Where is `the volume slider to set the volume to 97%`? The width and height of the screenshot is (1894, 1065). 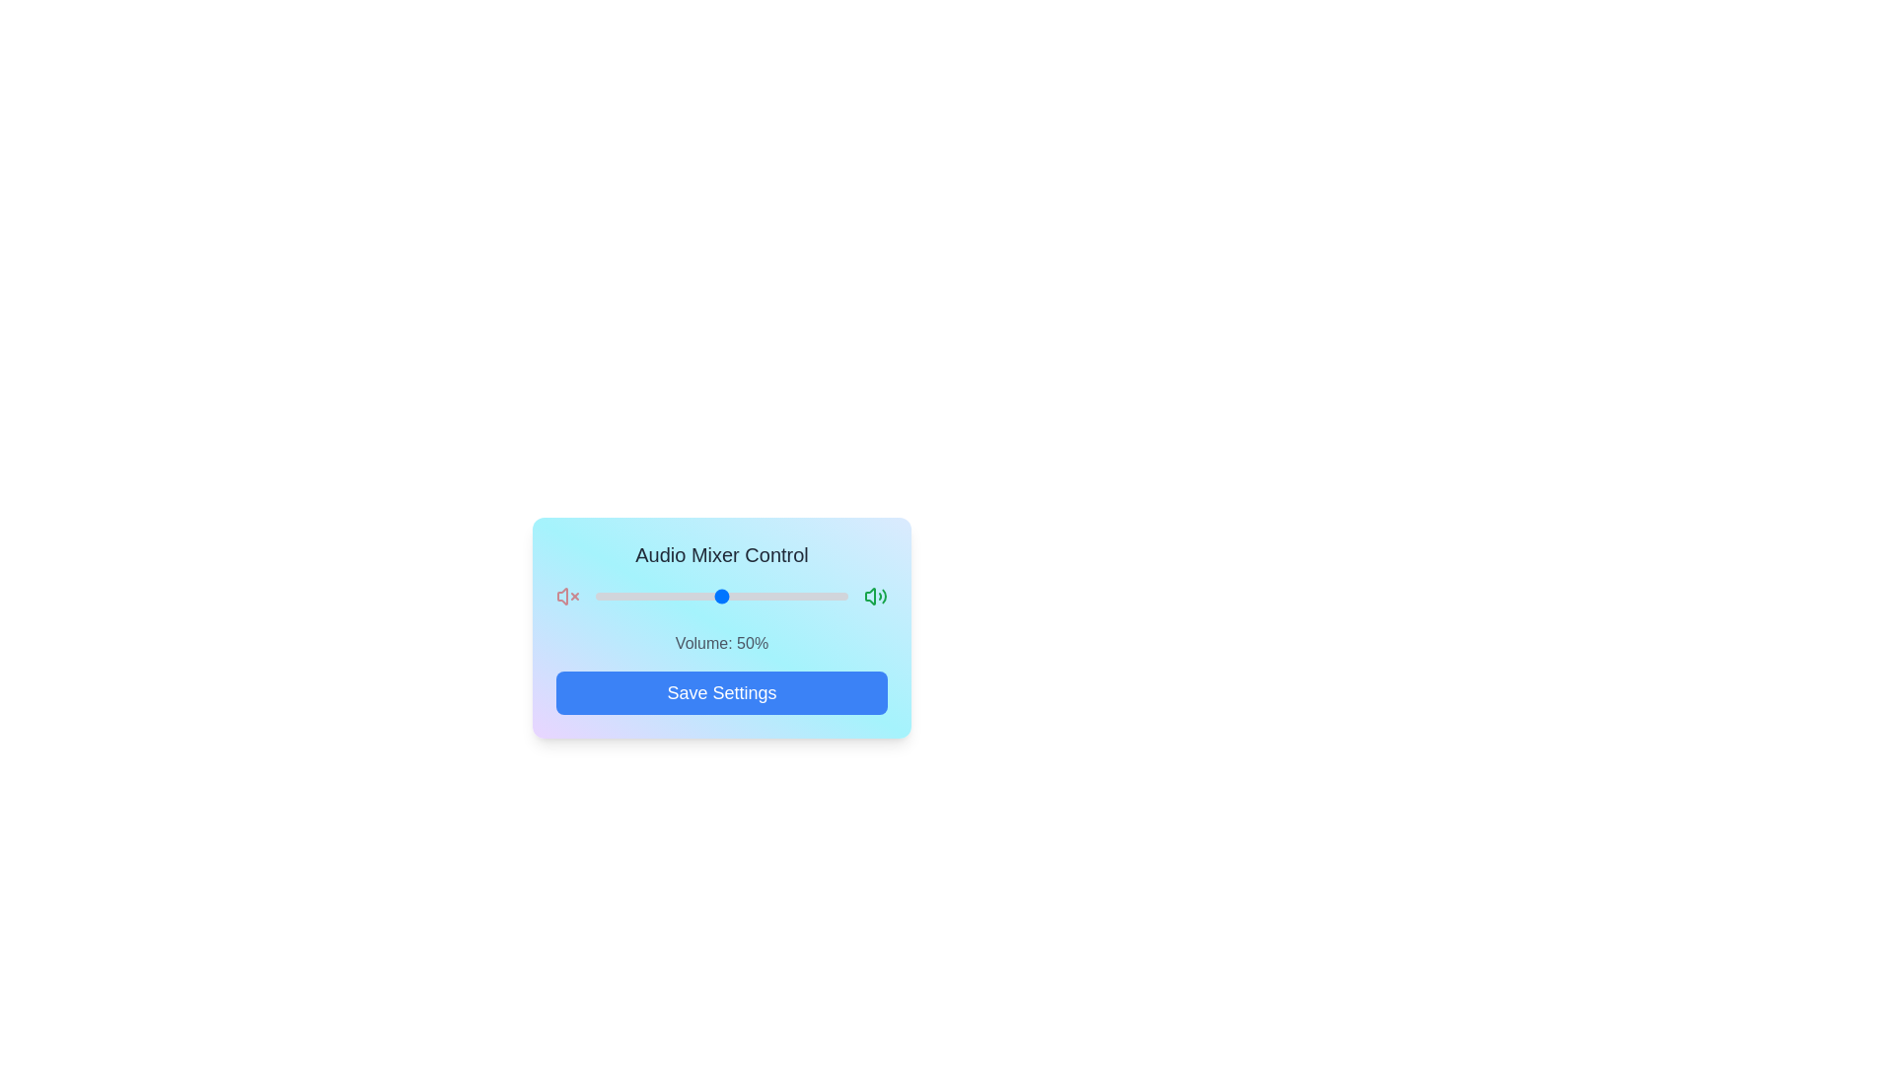
the volume slider to set the volume to 97% is located at coordinates (840, 596).